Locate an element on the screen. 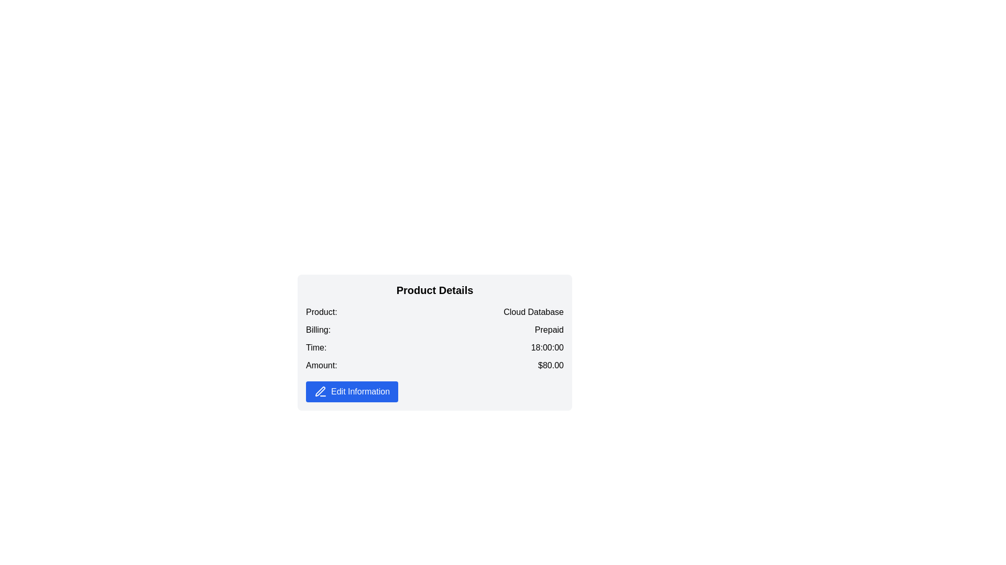 This screenshot has width=1006, height=565. the label text element that serves as a label for a monetary value in the financial summary, located left of the '$80.00' text element and below the 'Time:' detail line in the 'Product Details' section is located at coordinates (321, 365).